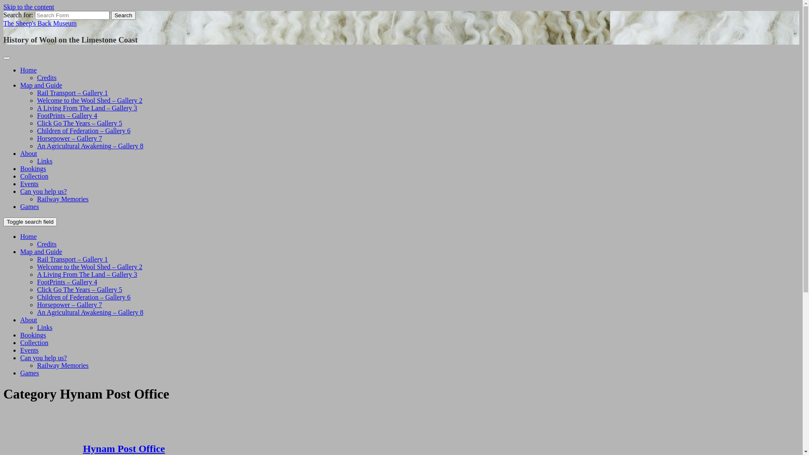  What do you see at coordinates (83, 448) in the screenshot?
I see `'Hynam Post Office'` at bounding box center [83, 448].